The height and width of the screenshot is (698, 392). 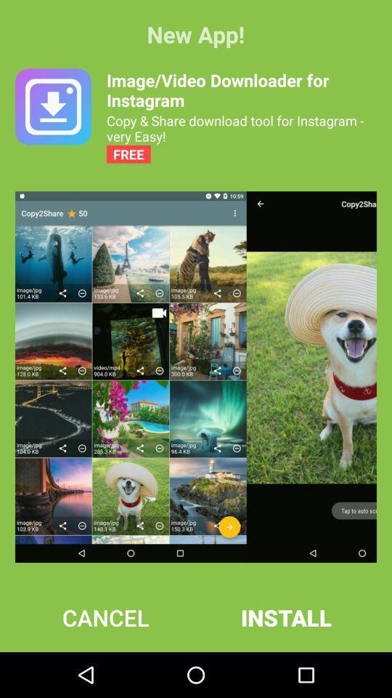 What do you see at coordinates (105, 617) in the screenshot?
I see `the item to the left of install` at bounding box center [105, 617].